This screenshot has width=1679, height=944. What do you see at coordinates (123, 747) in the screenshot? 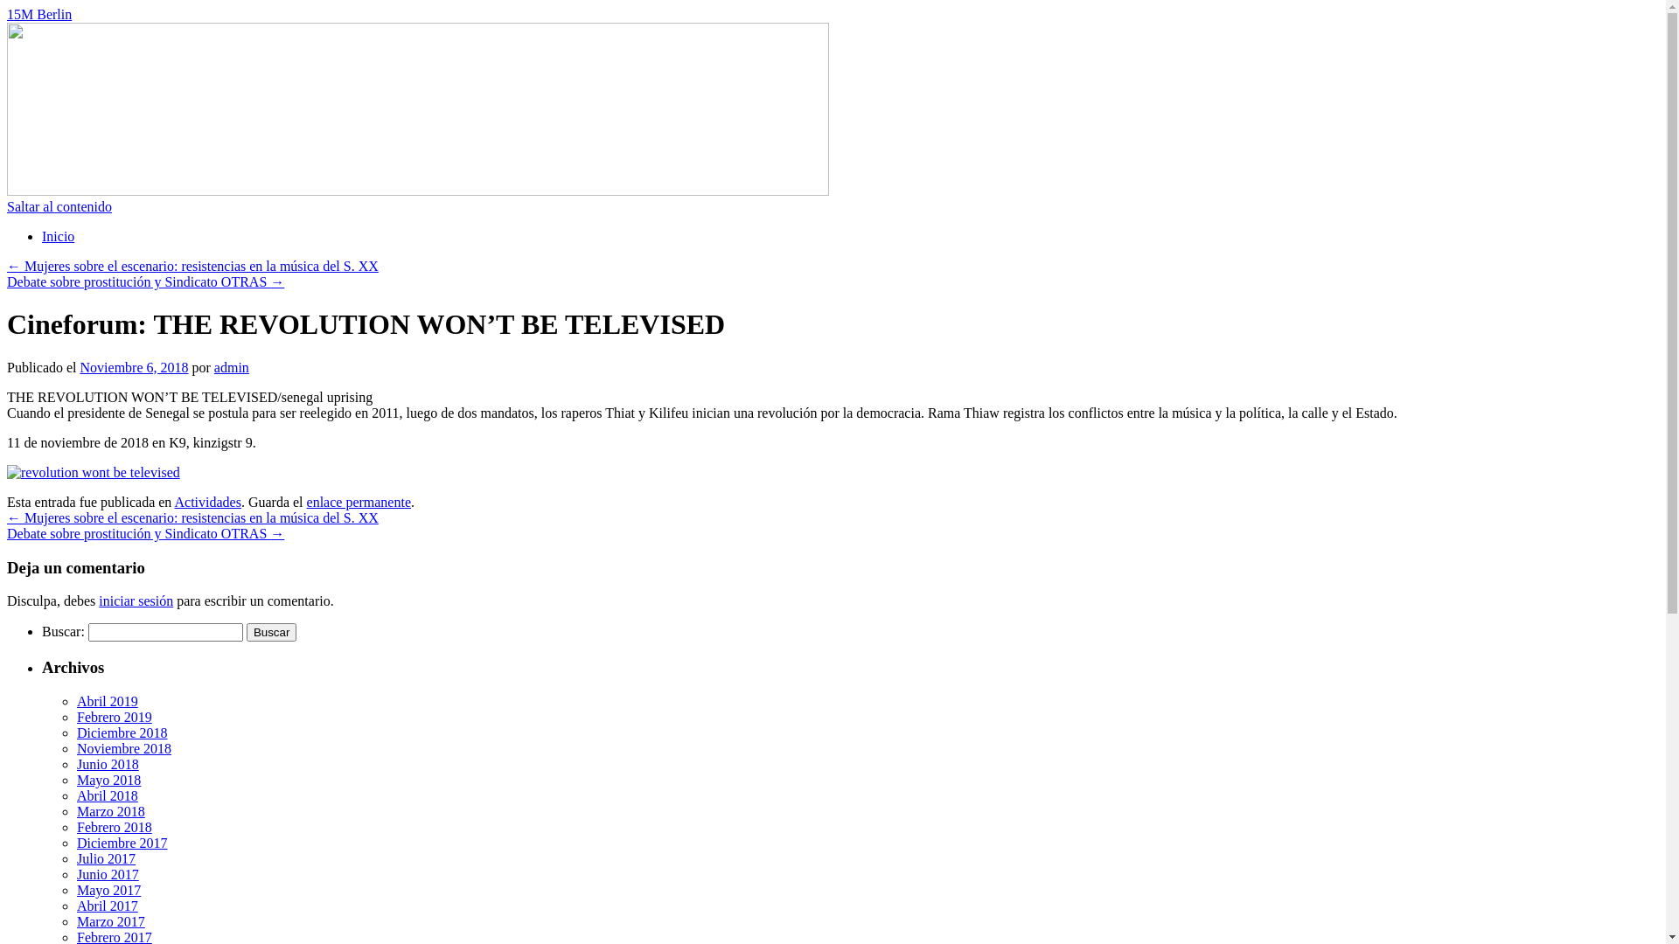
I see `'Noviembre 2018'` at bounding box center [123, 747].